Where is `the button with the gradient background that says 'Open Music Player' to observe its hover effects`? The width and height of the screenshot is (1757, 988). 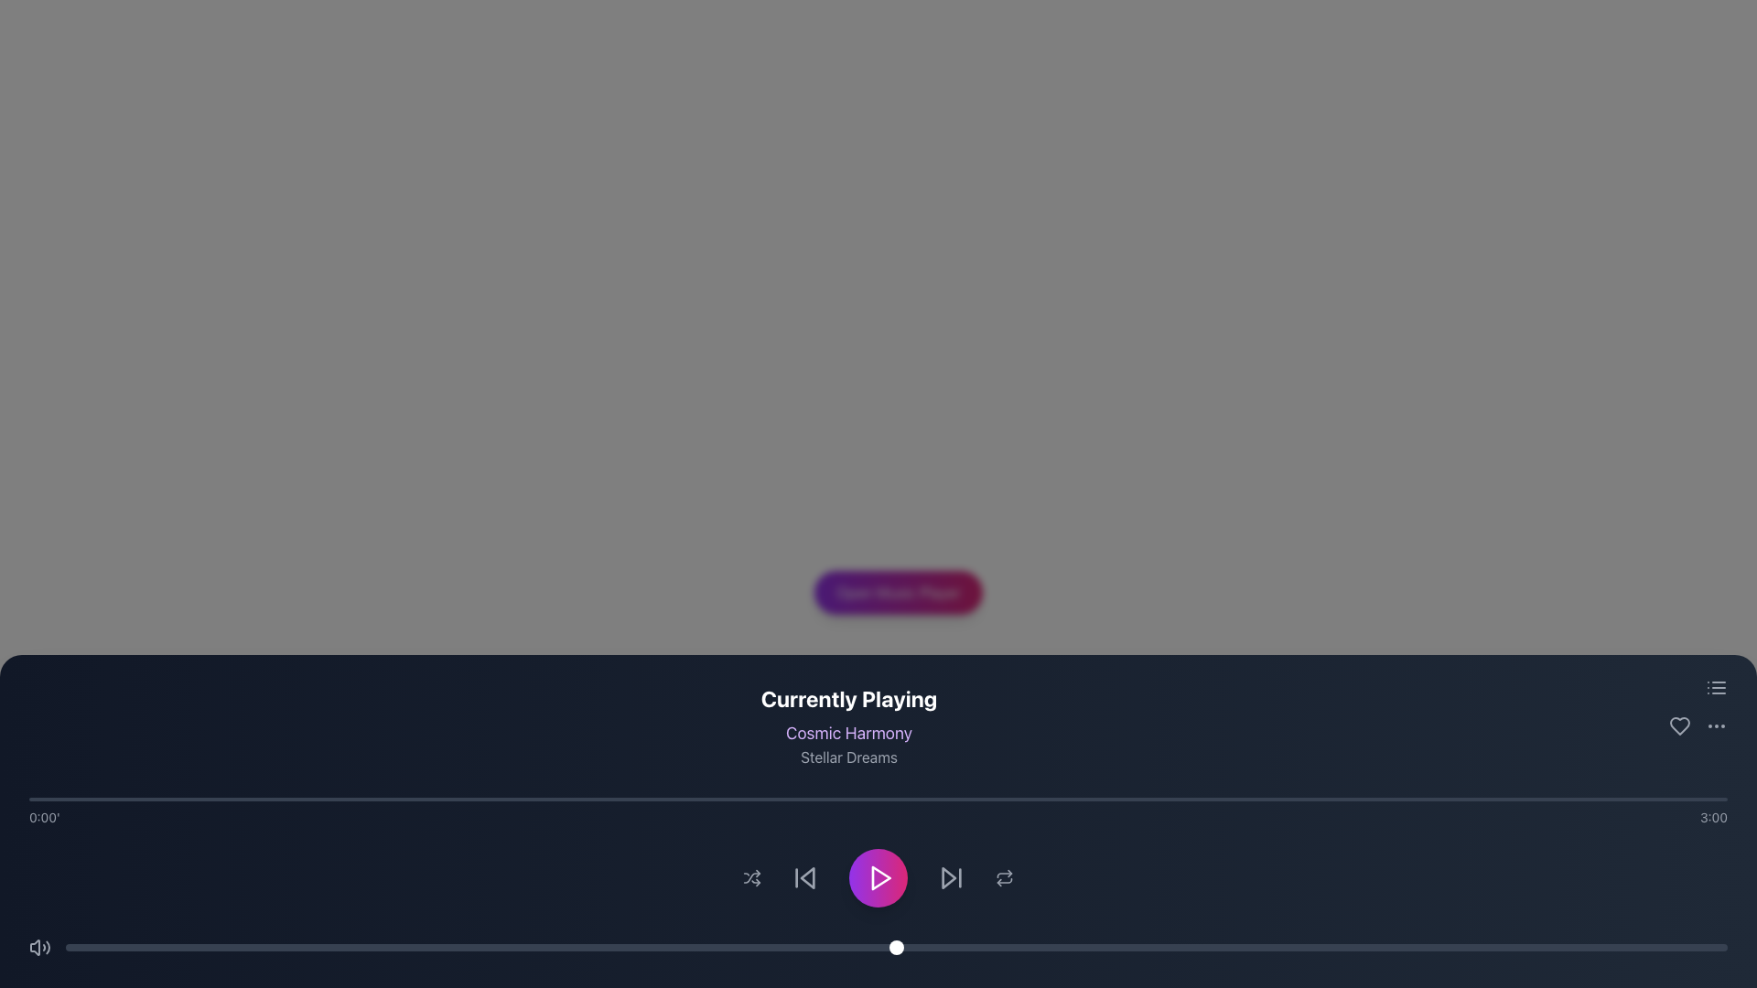
the button with the gradient background that says 'Open Music Player' to observe its hover effects is located at coordinates (899, 593).